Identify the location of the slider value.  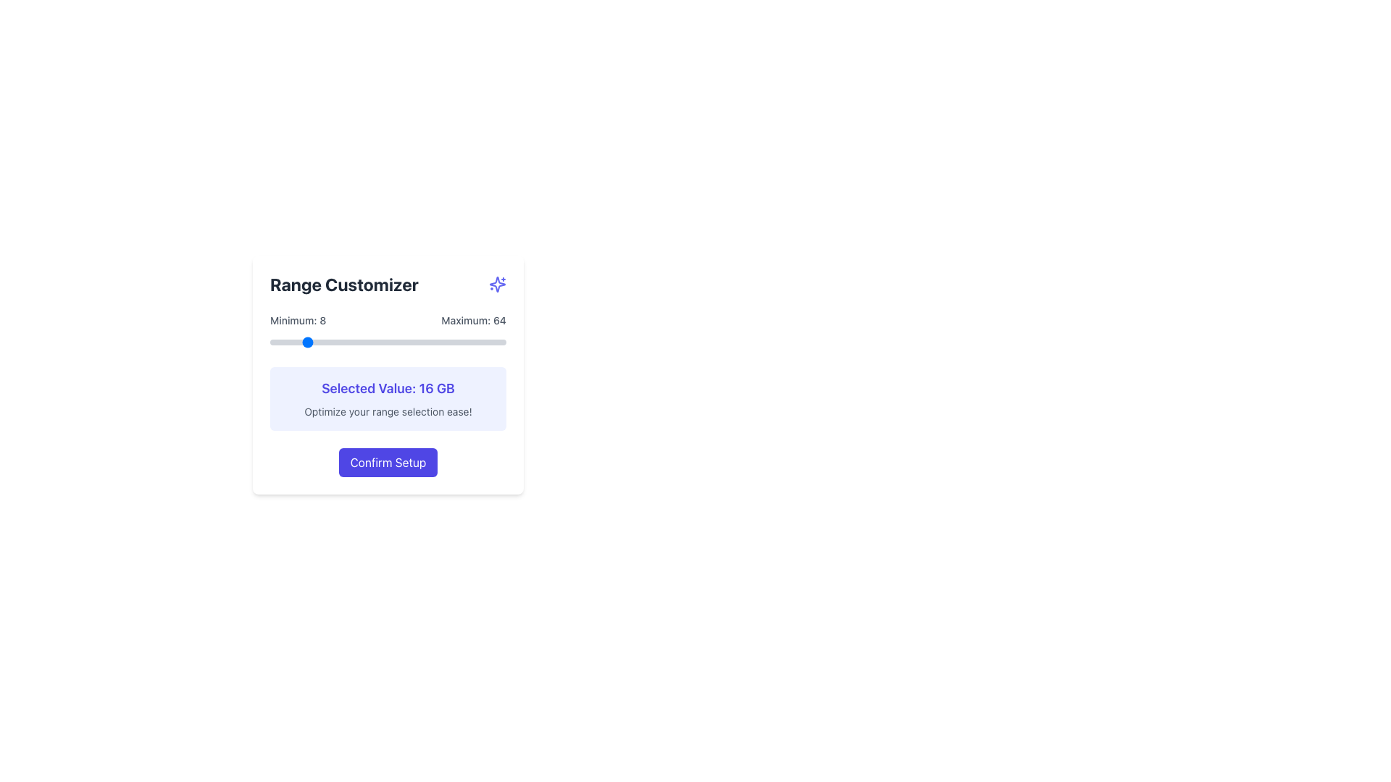
(291, 342).